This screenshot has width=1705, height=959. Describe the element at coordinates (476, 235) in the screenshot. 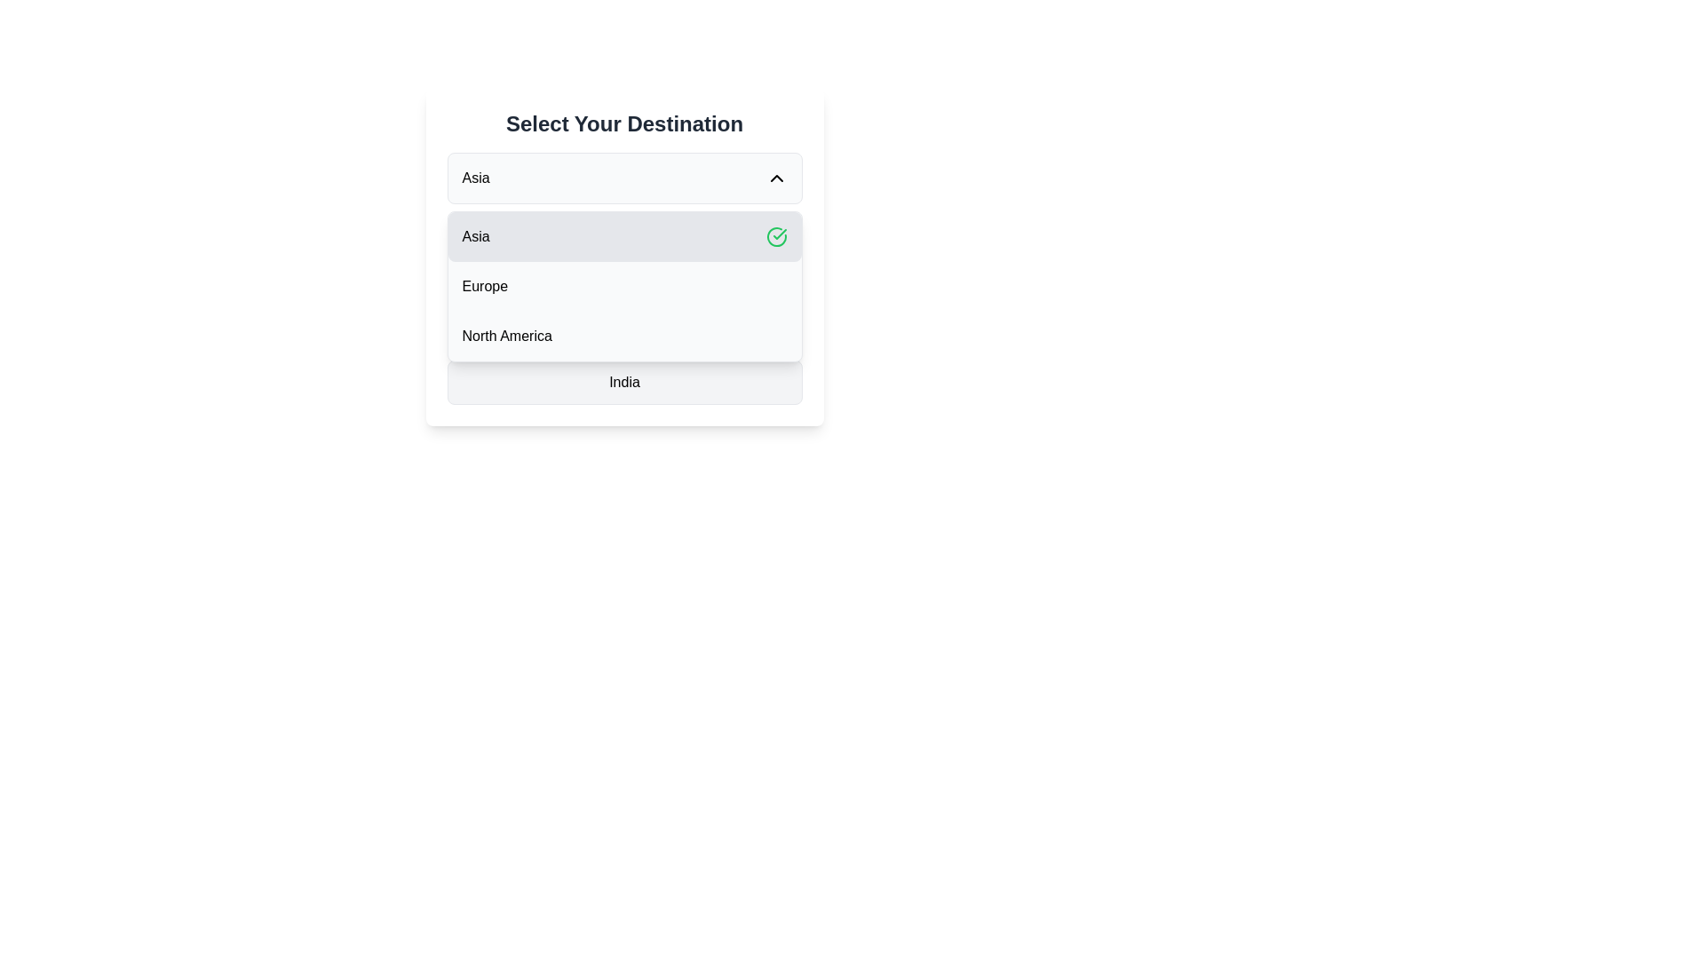

I see `the 'Asia' text label in the dropdown menu` at that location.